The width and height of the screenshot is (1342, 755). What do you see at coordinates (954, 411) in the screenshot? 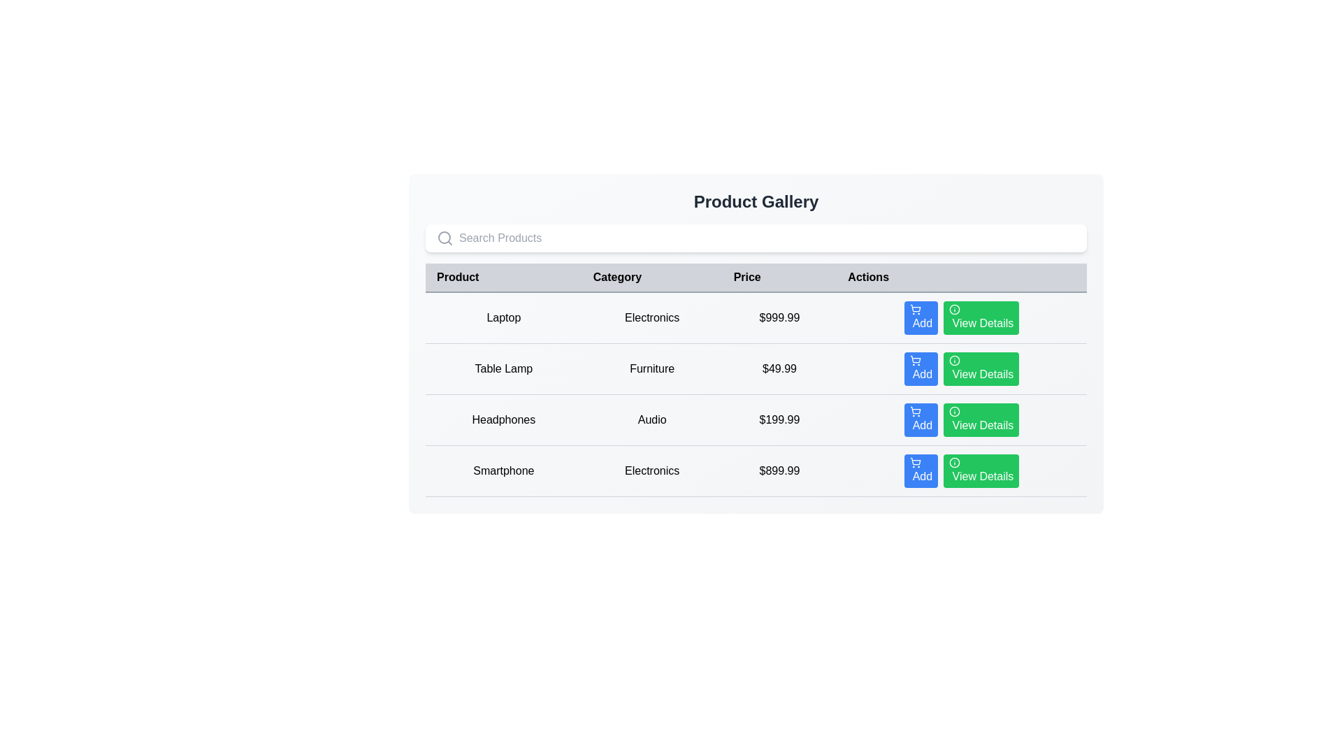
I see `the informational icon located to the left of the 'View Details' button in the 'Actions' column for the 'Headphones' product` at bounding box center [954, 411].